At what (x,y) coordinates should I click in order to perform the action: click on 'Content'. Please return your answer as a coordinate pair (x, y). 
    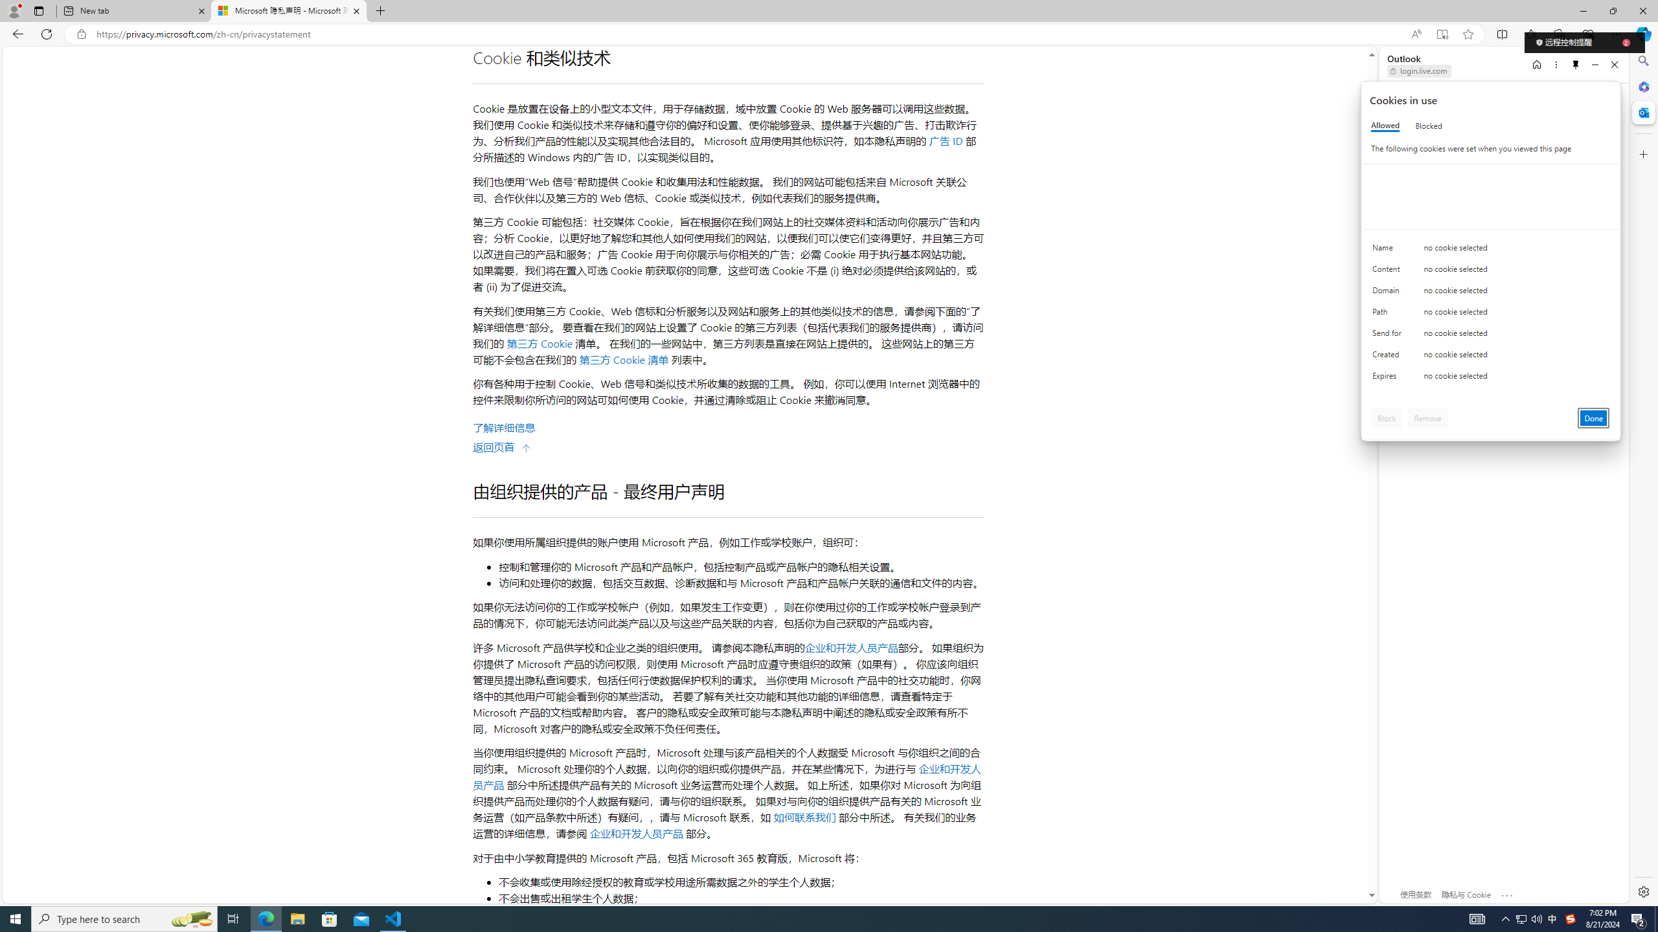
    Looking at the image, I should click on (1389, 272).